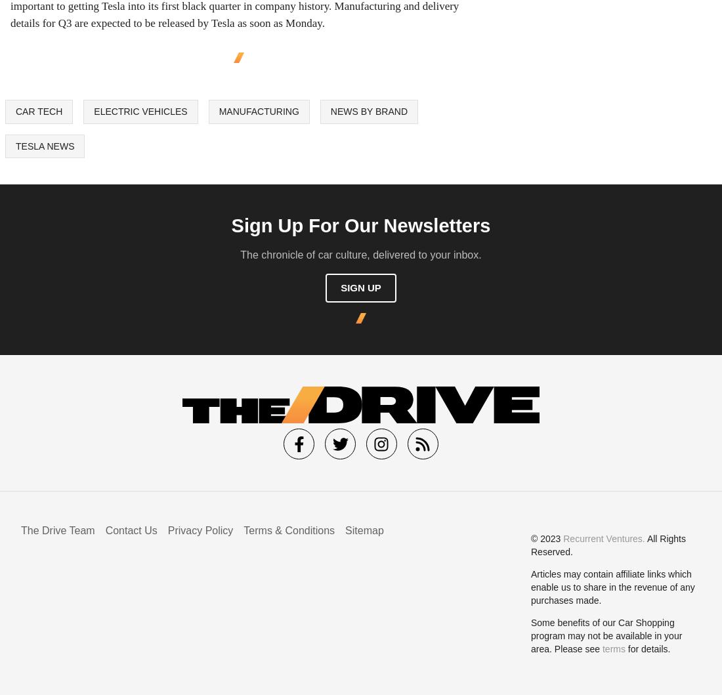 Image resolution: width=722 pixels, height=695 pixels. I want to click on 'Electric Vehicles', so click(140, 110).